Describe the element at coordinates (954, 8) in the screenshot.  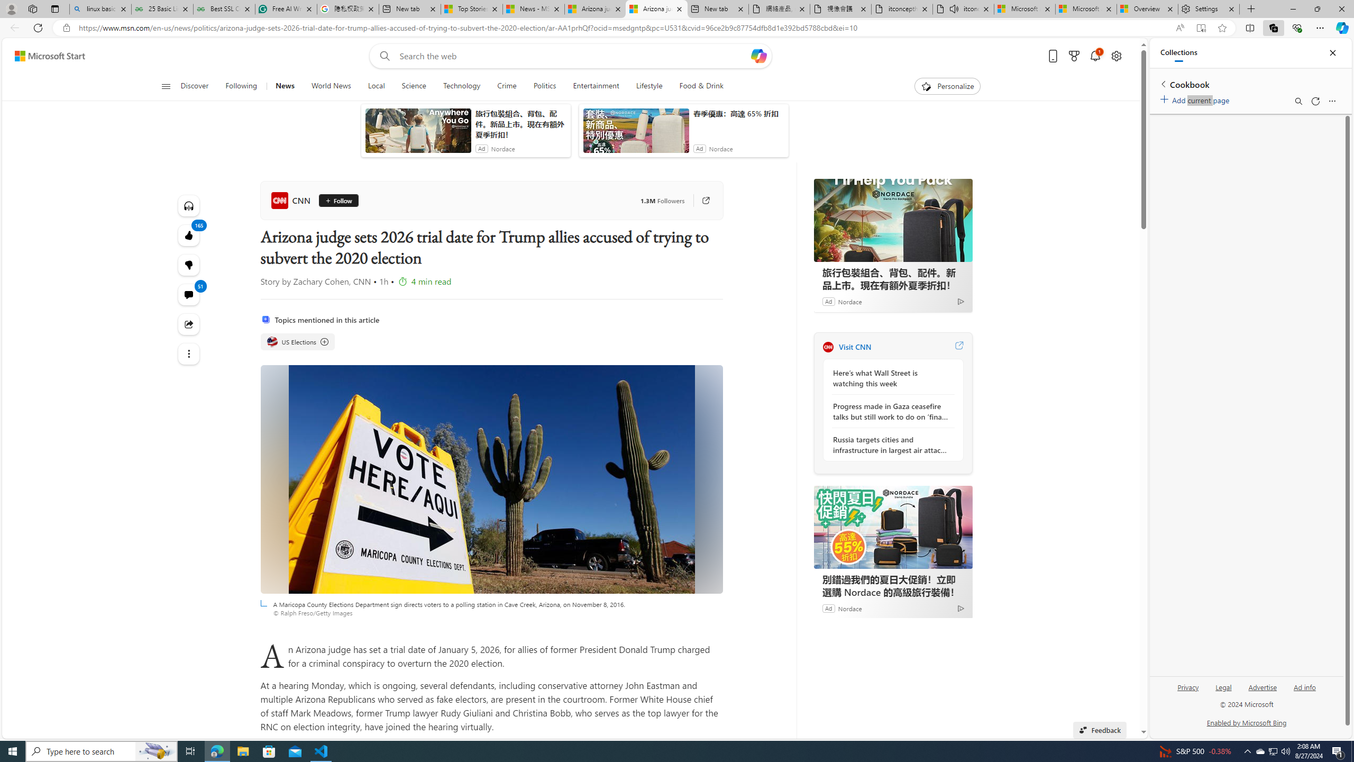
I see `'Mute tab'` at that location.